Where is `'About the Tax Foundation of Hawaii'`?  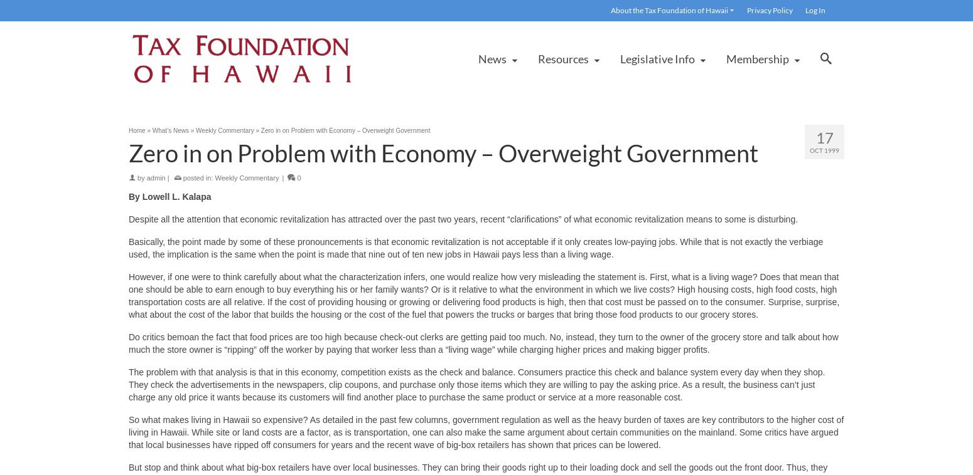
'About the Tax Foundation of Hawaii' is located at coordinates (669, 9).